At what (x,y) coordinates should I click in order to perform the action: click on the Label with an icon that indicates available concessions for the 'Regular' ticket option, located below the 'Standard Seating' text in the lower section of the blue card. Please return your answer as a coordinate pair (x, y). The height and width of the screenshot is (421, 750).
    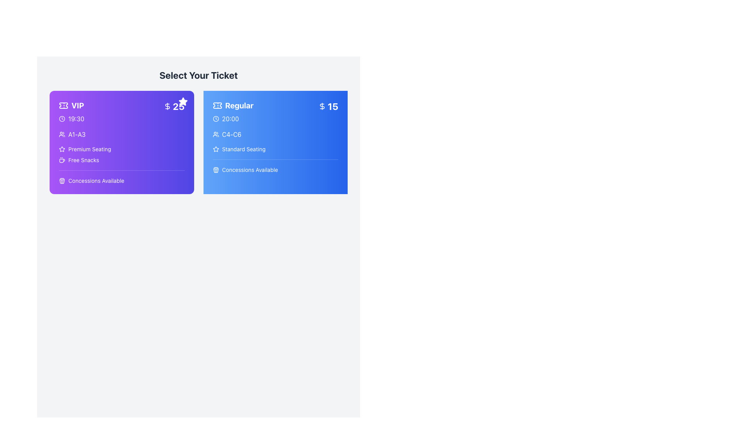
    Looking at the image, I should click on (275, 166).